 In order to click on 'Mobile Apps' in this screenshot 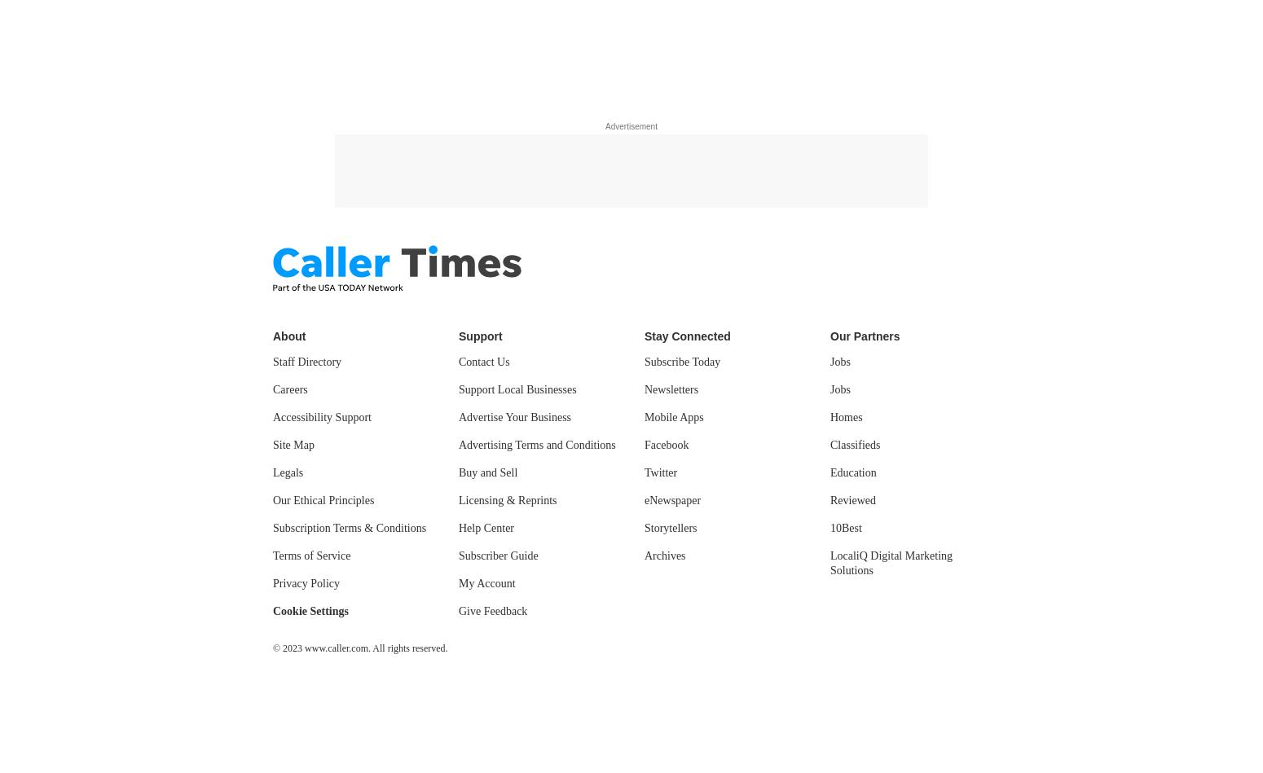, I will do `click(672, 416)`.